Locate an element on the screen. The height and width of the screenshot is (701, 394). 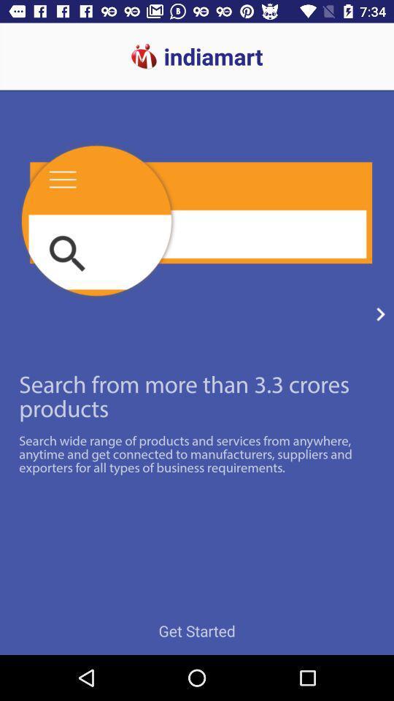
the arrow_forward icon is located at coordinates (380, 314).